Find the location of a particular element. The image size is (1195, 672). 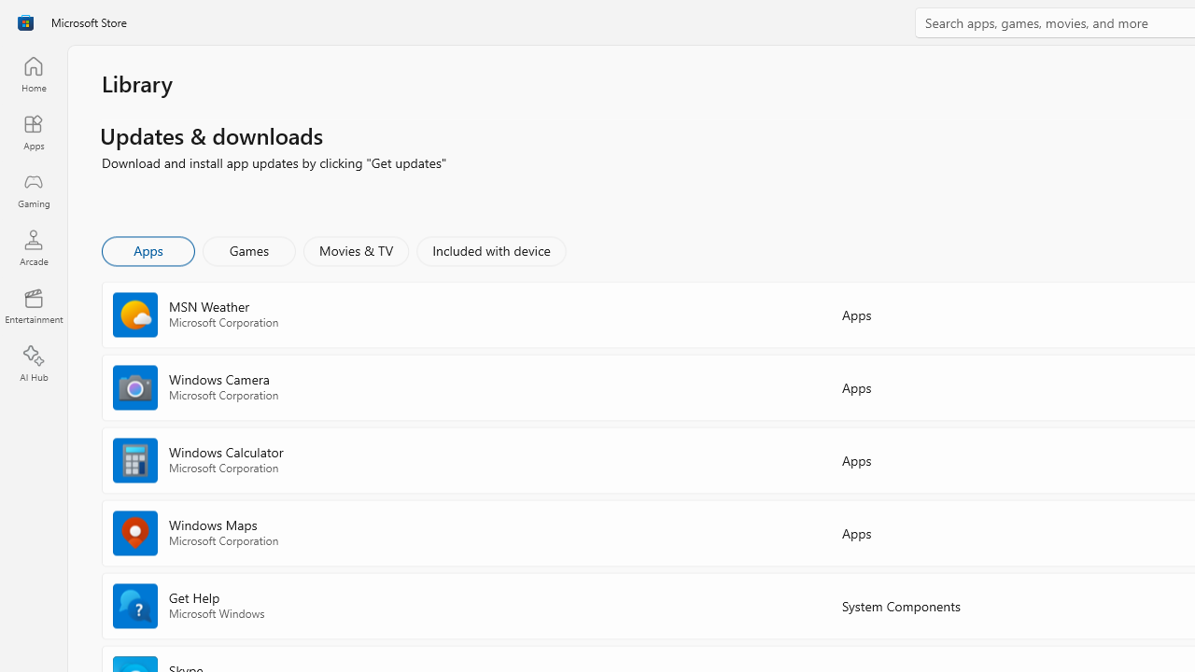

'Movies & TV' is located at coordinates (356, 249).